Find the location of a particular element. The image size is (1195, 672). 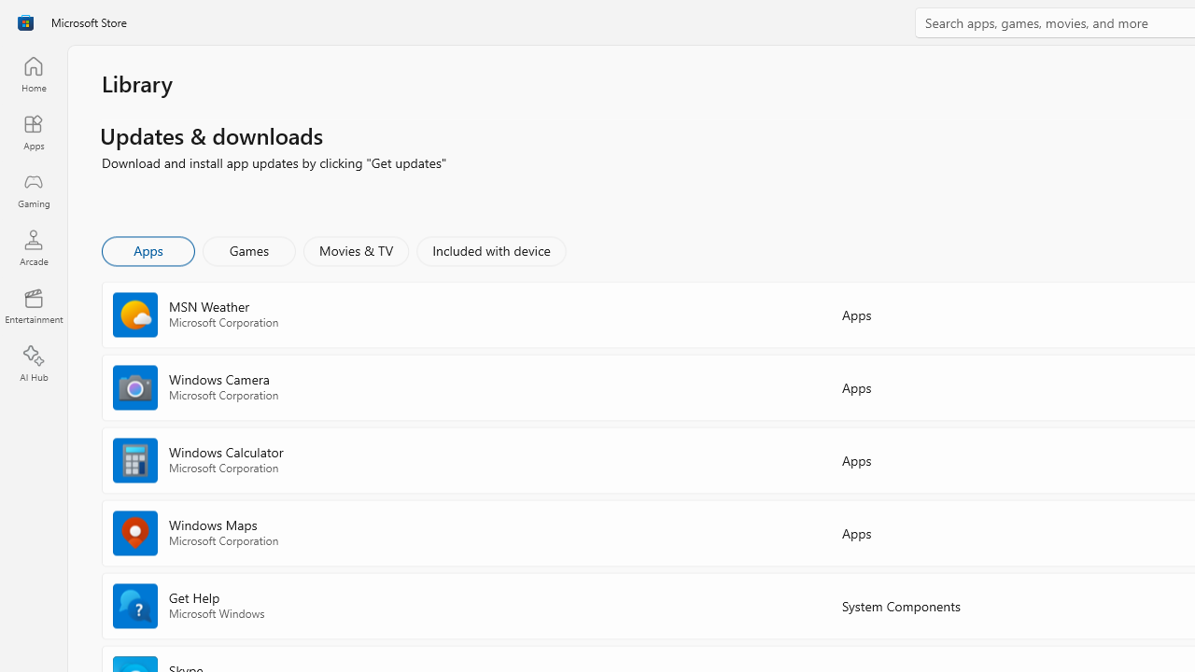

'Movies & TV' is located at coordinates (356, 249).